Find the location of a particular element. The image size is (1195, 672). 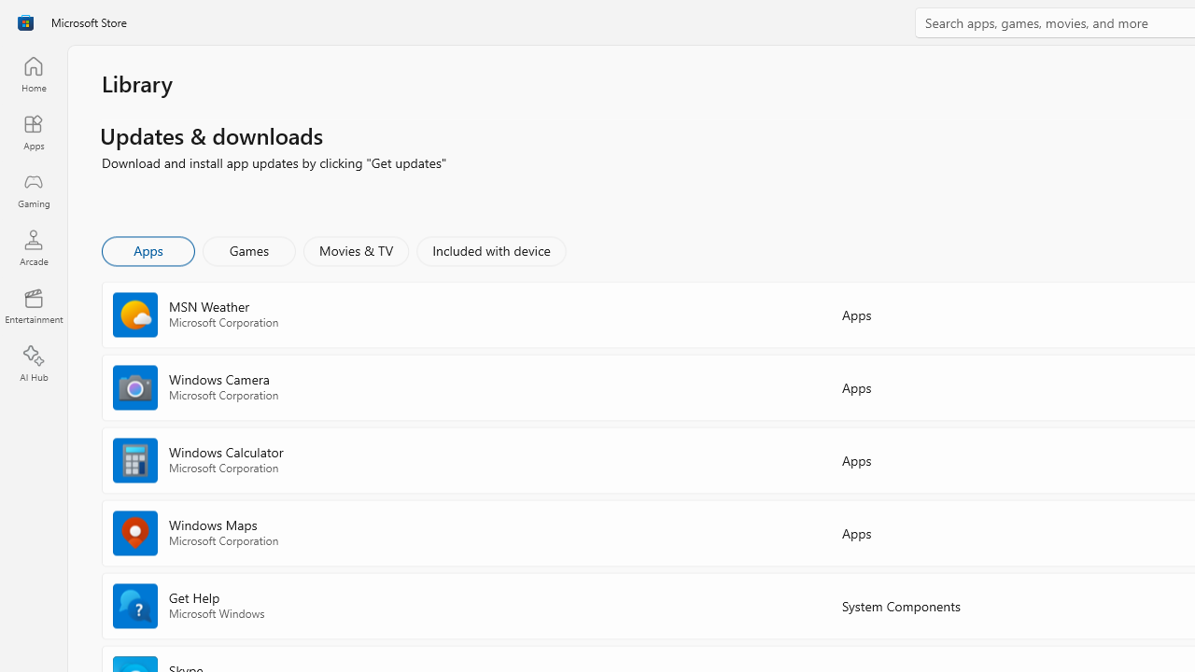

'Movies & TV' is located at coordinates (356, 249).